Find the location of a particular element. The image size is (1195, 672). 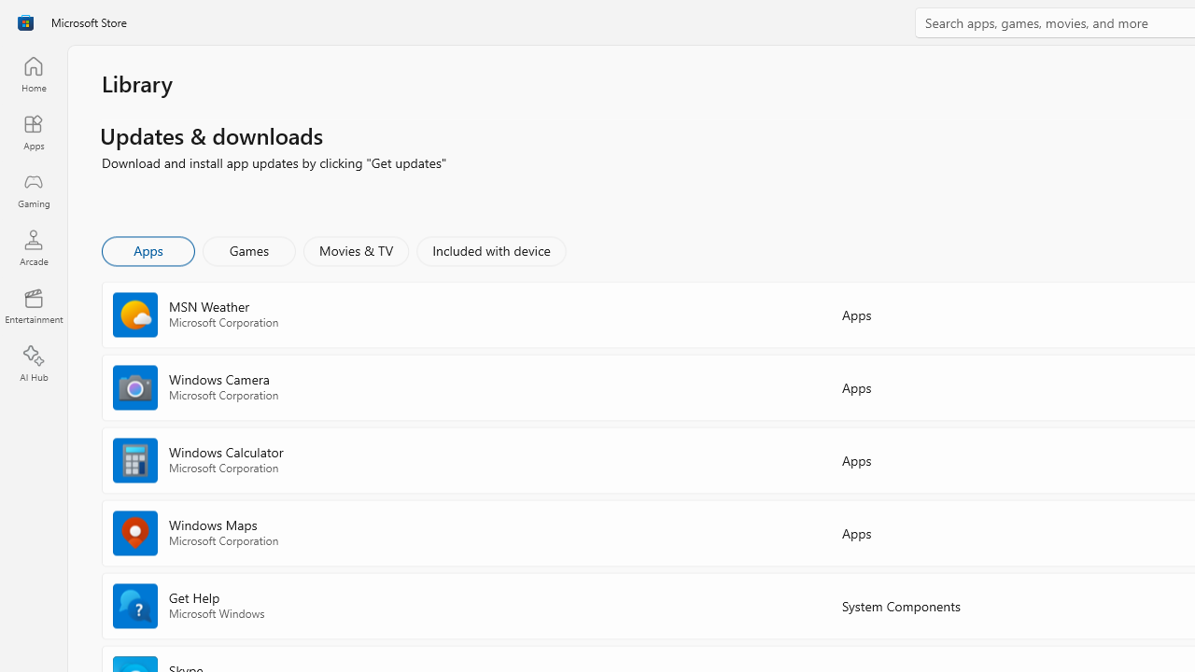

'Movies & TV' is located at coordinates (356, 249).